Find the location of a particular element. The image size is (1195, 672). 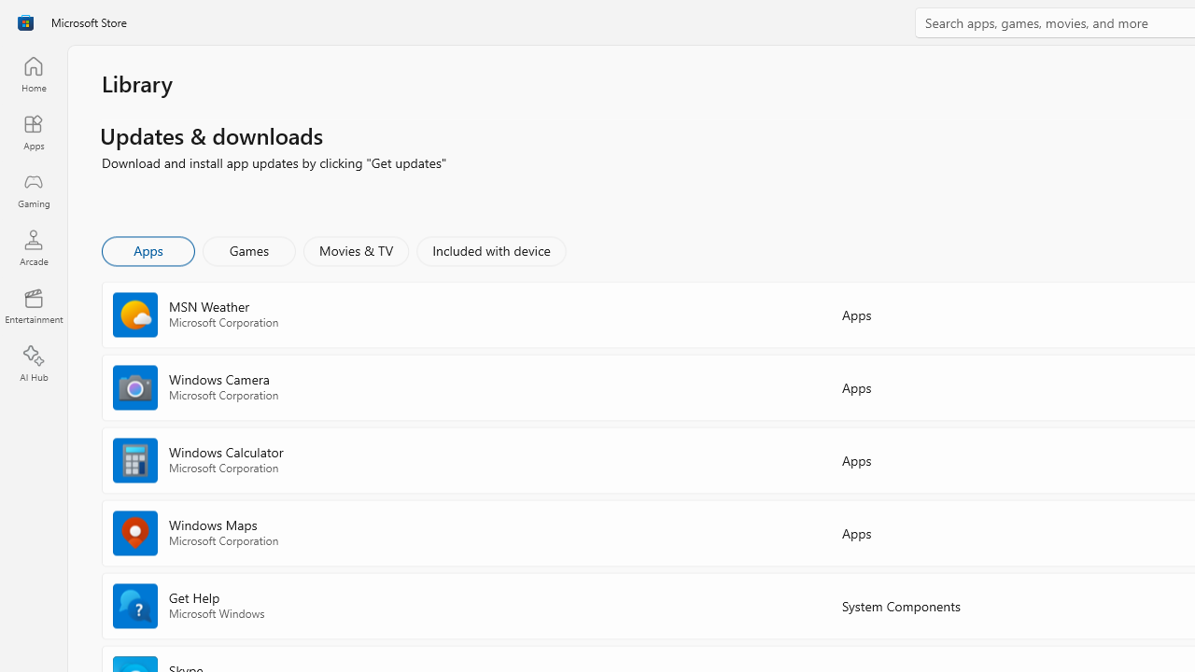

'Movies & TV' is located at coordinates (356, 249).